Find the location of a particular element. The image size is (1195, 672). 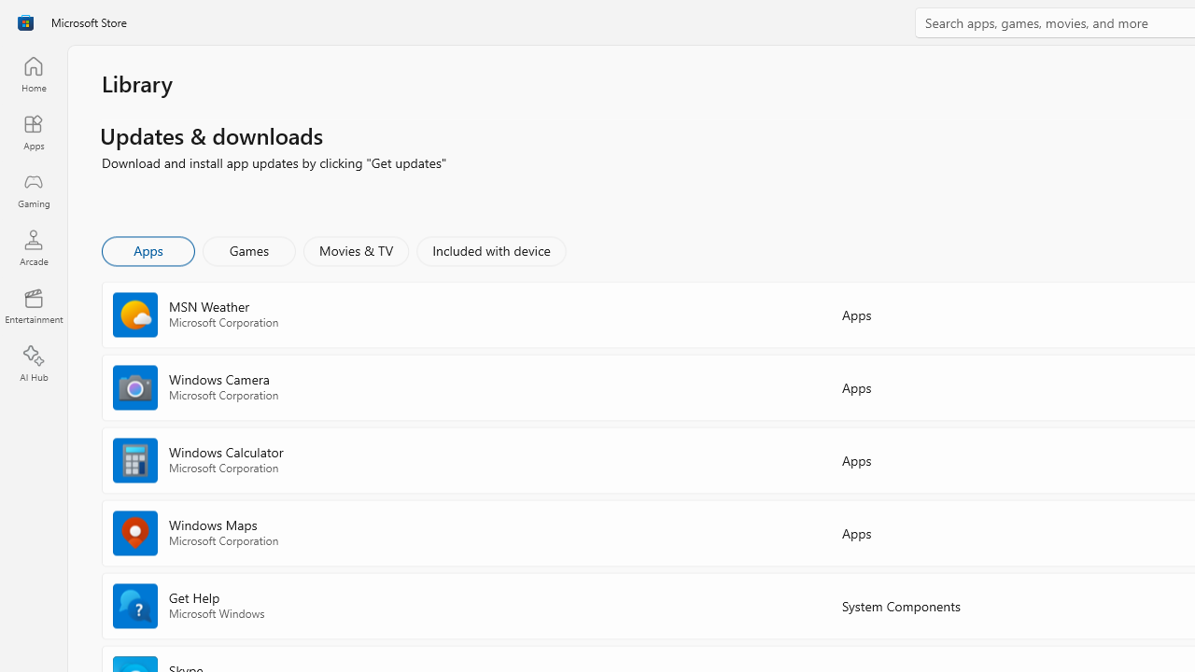

'Movies & TV' is located at coordinates (356, 249).